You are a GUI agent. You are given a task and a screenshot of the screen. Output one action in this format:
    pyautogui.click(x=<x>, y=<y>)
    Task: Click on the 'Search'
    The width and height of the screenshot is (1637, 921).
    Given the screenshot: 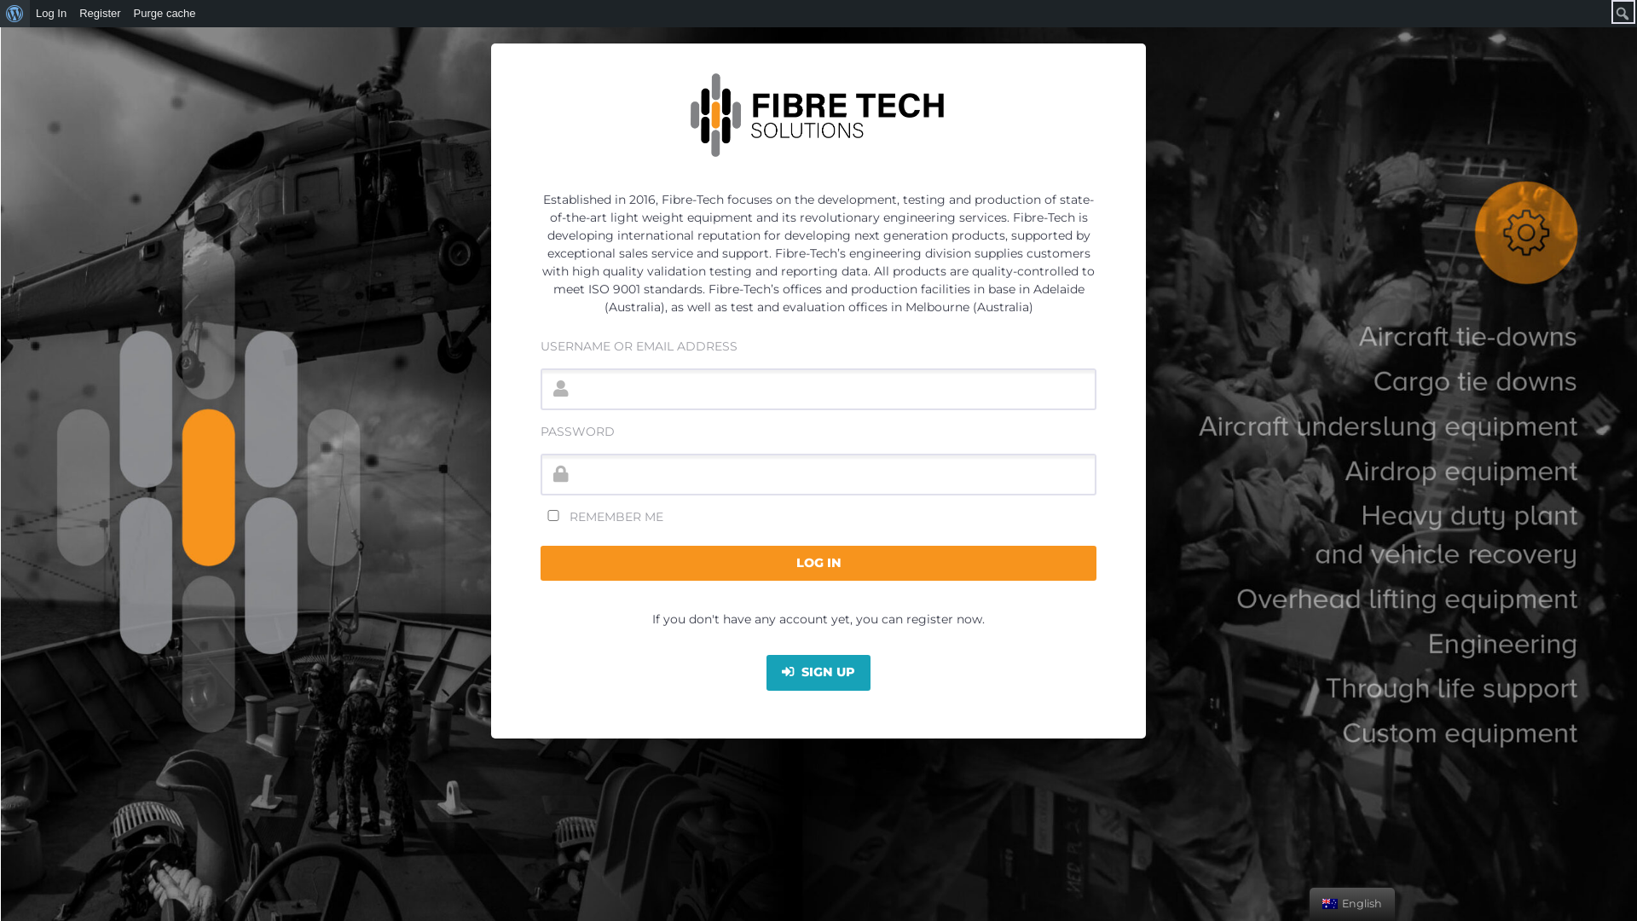 What is the action you would take?
    pyautogui.click(x=17, y=13)
    